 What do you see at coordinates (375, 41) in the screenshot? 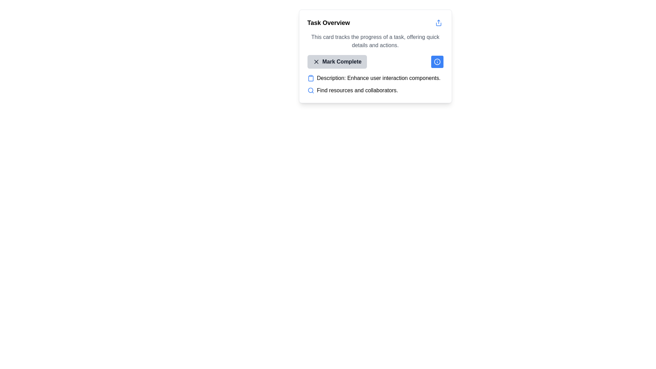
I see `the text block that provides a description for the task, located below the 'Task Overview' heading and above the 'Mark Complete' button in the card component` at bounding box center [375, 41].